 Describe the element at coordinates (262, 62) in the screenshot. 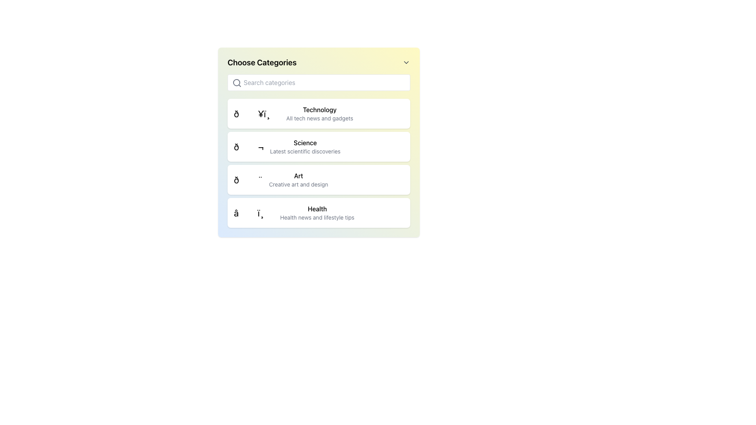

I see `the 'Choose Categories' text label which is prominently displayed in a bold and large font at the top-left corner of the interface` at that location.